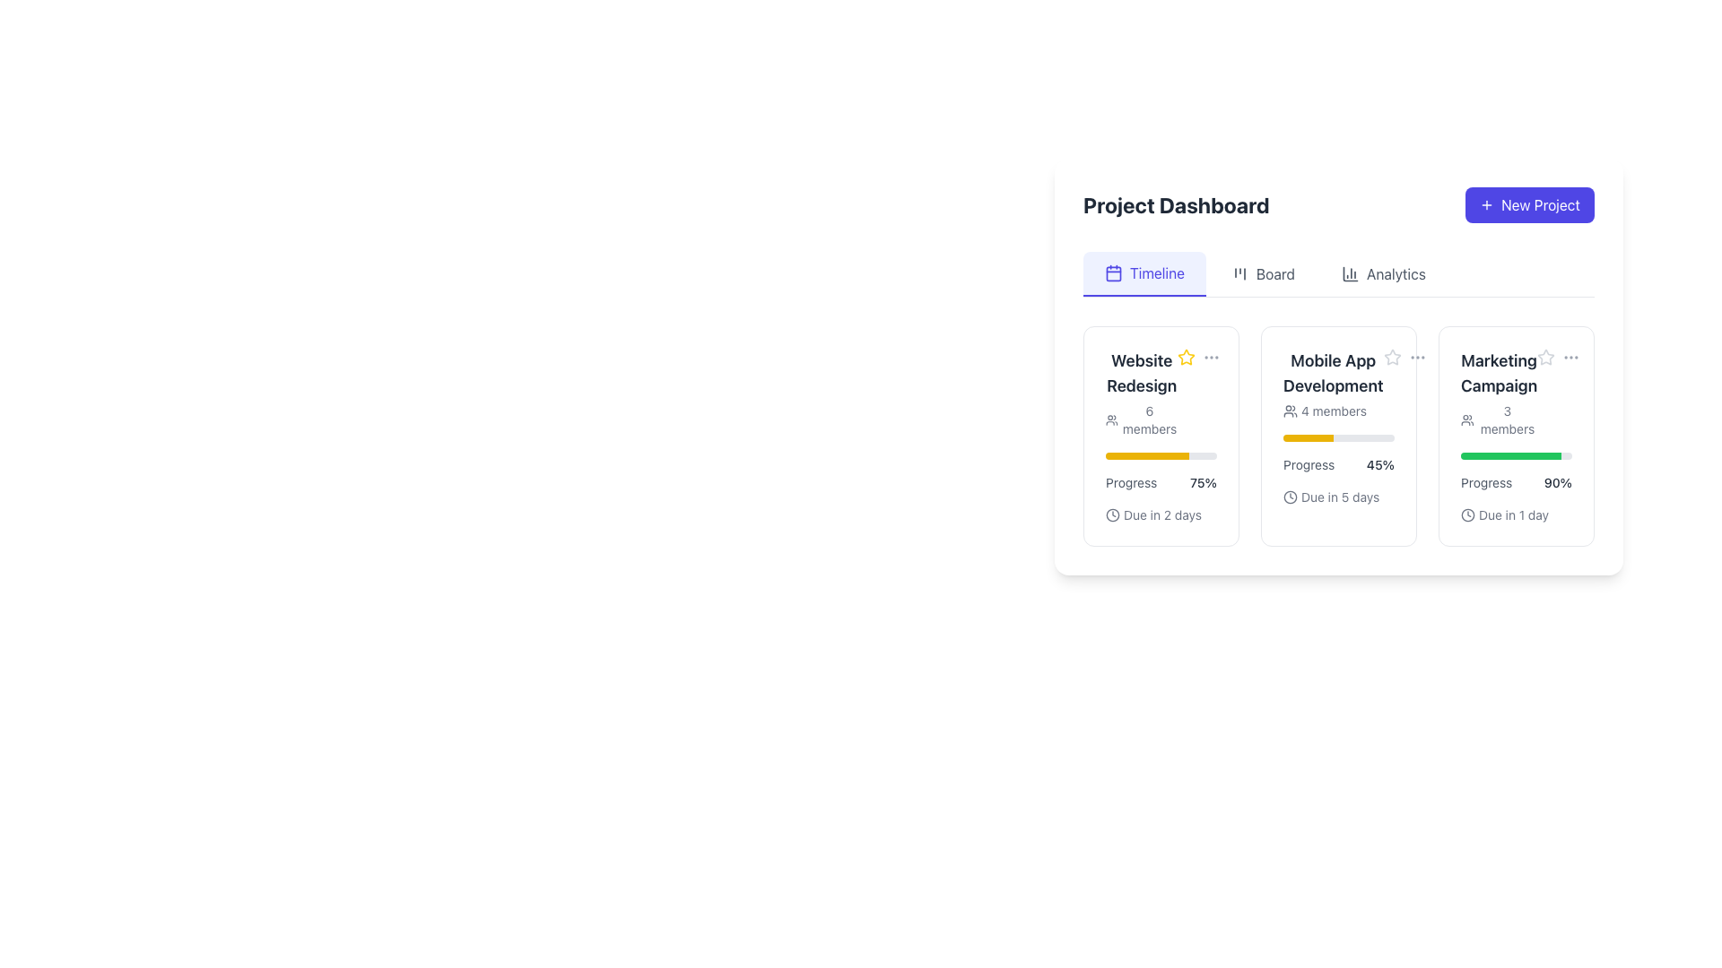  I want to click on the column chart representation by hovering over the 'Analytics' icon located in the header section of the navigation menu, to the left of the 'Analytics' label, so click(1350, 273).